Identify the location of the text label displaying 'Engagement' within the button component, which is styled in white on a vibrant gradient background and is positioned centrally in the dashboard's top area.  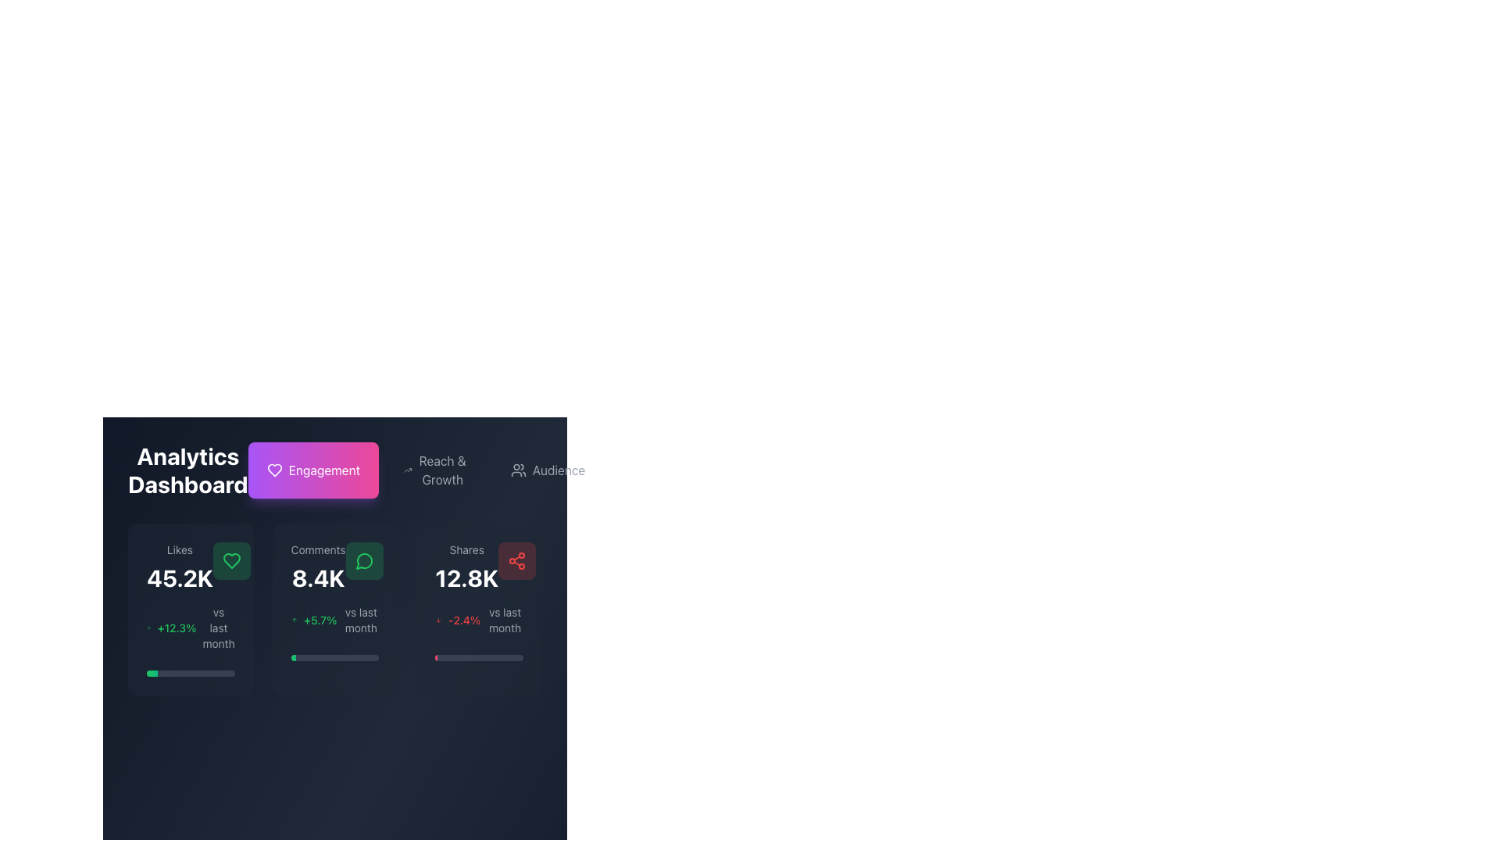
(323, 469).